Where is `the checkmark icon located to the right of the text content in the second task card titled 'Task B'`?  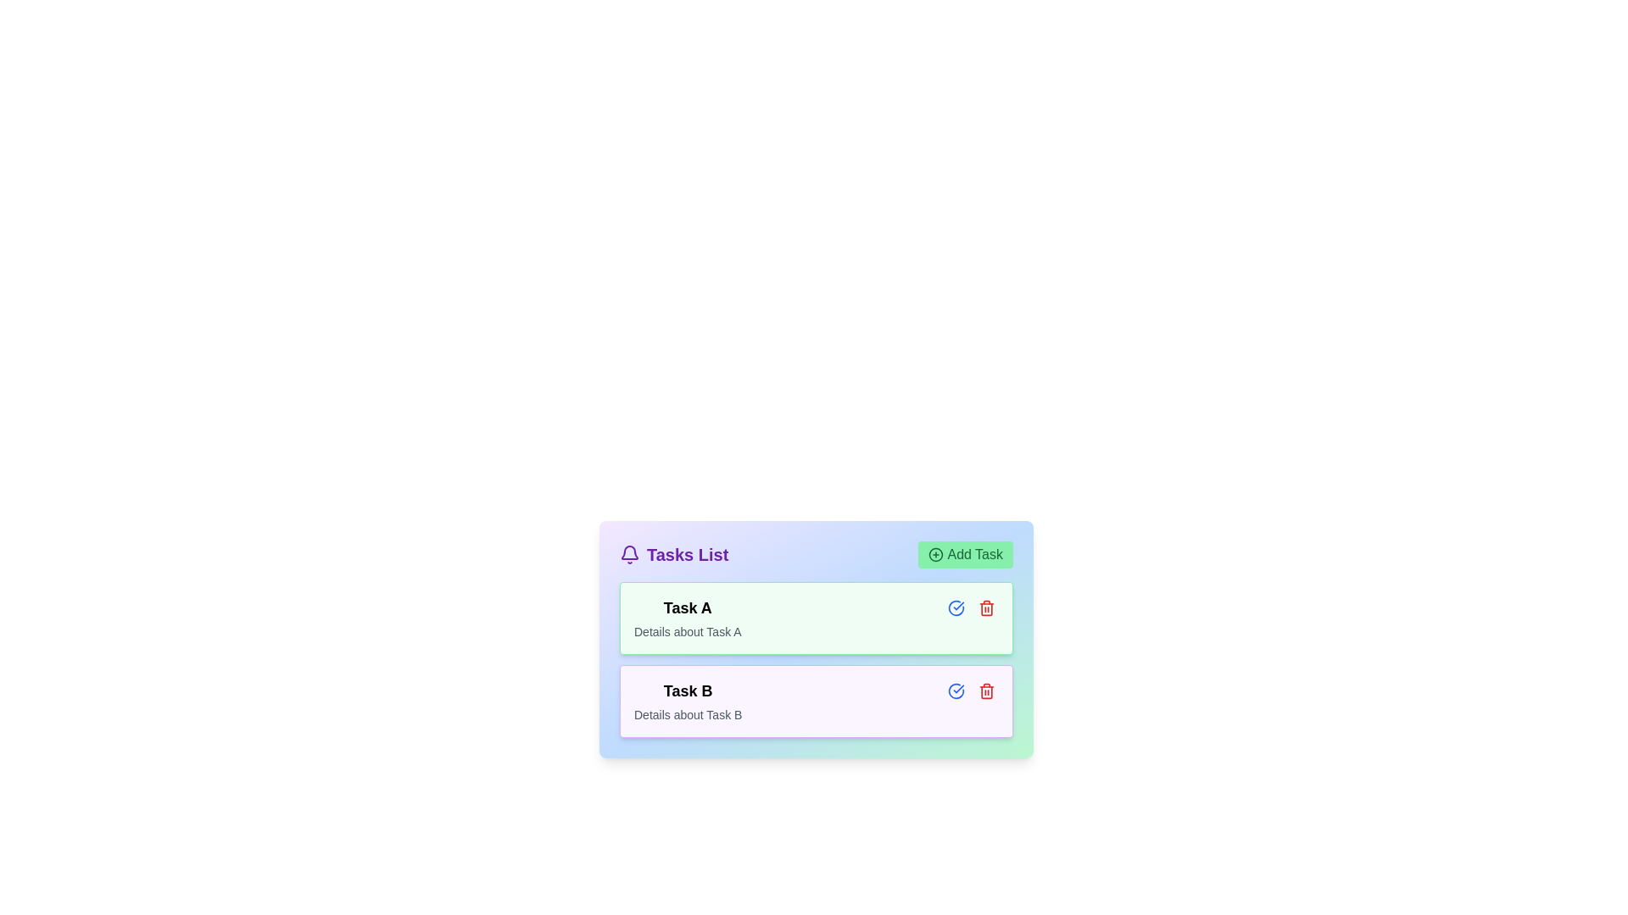
the checkmark icon located to the right of the text content in the second task card titled 'Task B' is located at coordinates (956, 691).